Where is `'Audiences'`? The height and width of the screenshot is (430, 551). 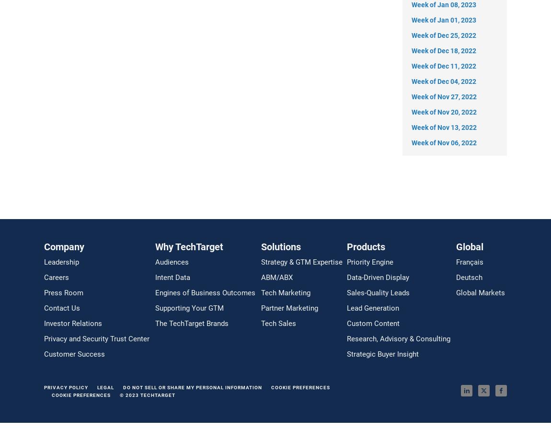 'Audiences' is located at coordinates (155, 262).